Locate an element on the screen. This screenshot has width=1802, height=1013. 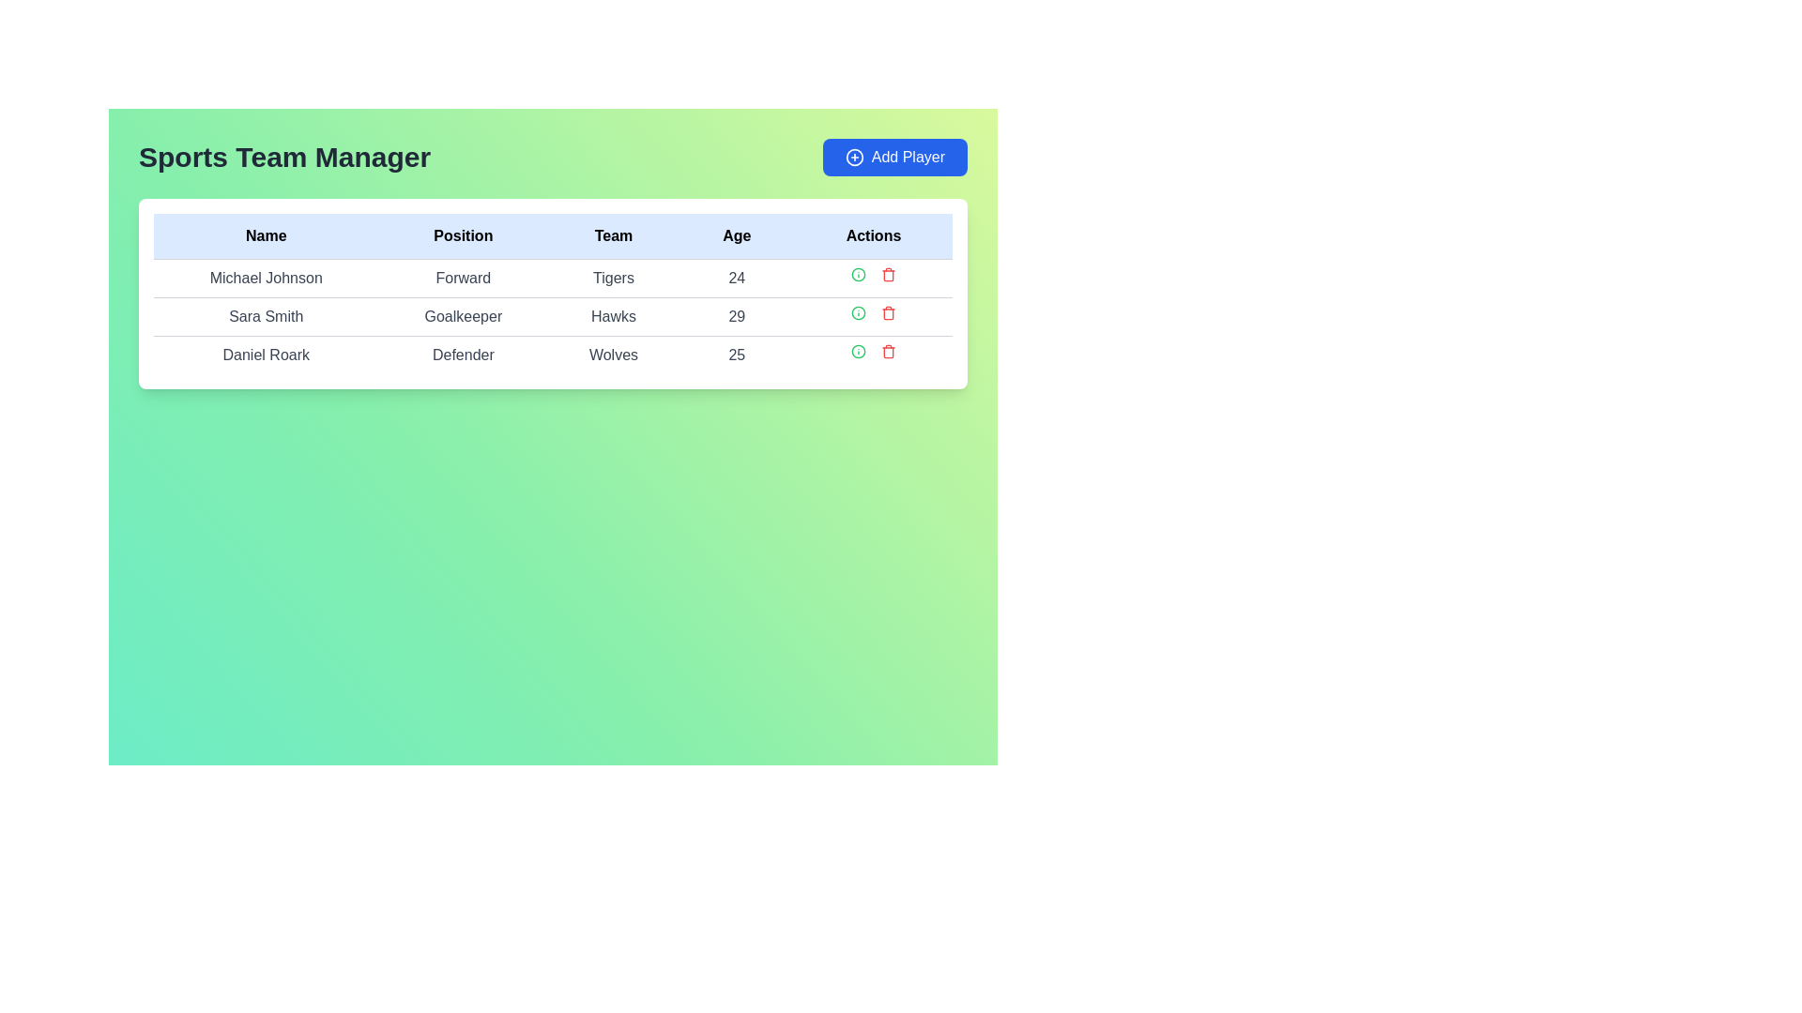
the green outlined circle icon button is located at coordinates (857, 312).